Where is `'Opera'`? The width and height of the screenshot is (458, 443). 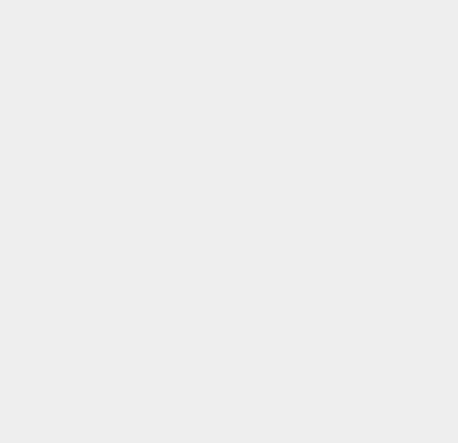
'Opera' is located at coordinates (331, 272).